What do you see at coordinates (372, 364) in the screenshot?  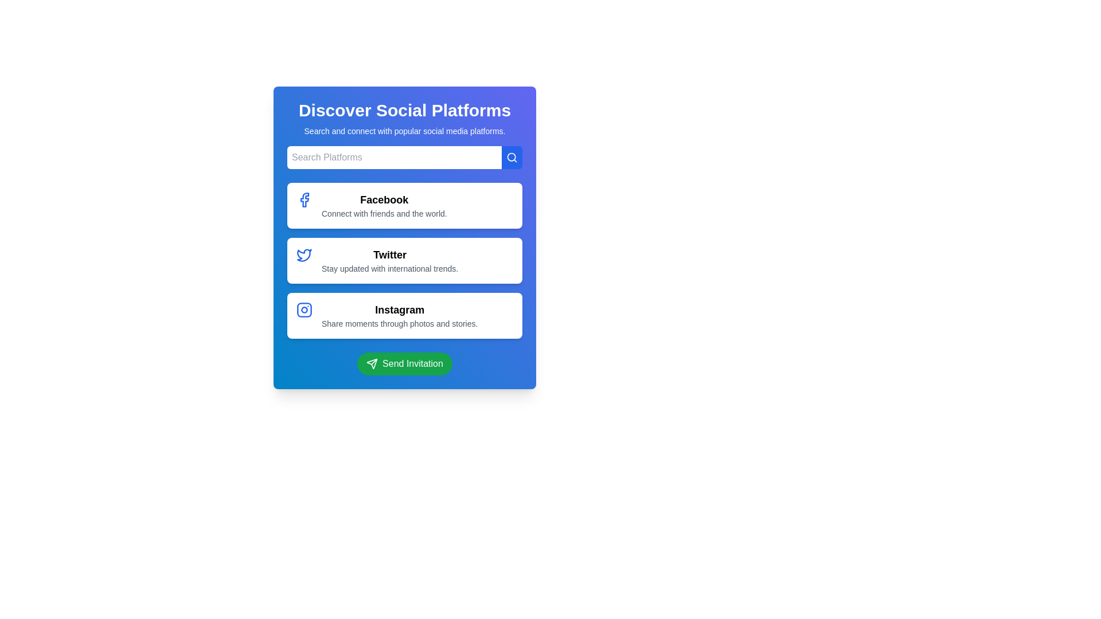 I see `the 'Send Invitation' icon, which visually represents the action of sending an invitation and is located at the bottom center of the interface` at bounding box center [372, 364].